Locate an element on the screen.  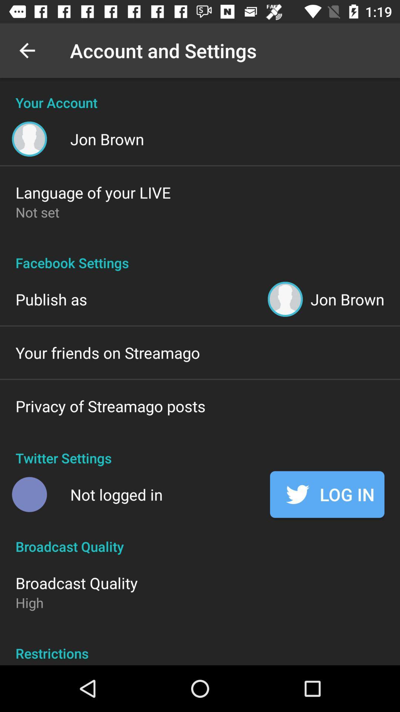
your account icon is located at coordinates (200, 94).